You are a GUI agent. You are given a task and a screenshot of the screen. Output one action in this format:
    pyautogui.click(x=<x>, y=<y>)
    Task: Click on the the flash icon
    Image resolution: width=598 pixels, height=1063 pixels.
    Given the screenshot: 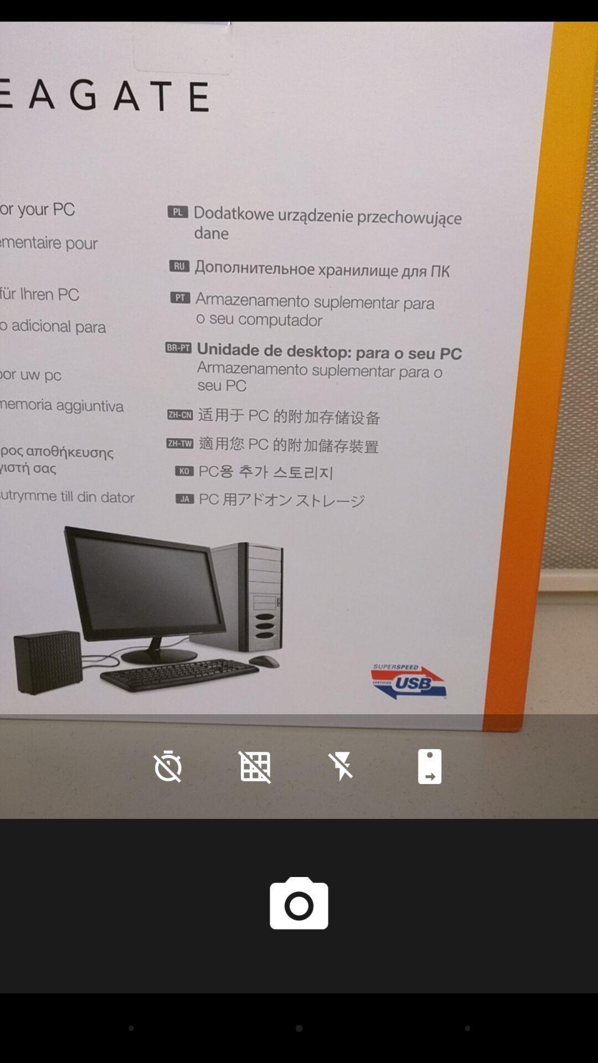 What is the action you would take?
    pyautogui.click(x=342, y=766)
    